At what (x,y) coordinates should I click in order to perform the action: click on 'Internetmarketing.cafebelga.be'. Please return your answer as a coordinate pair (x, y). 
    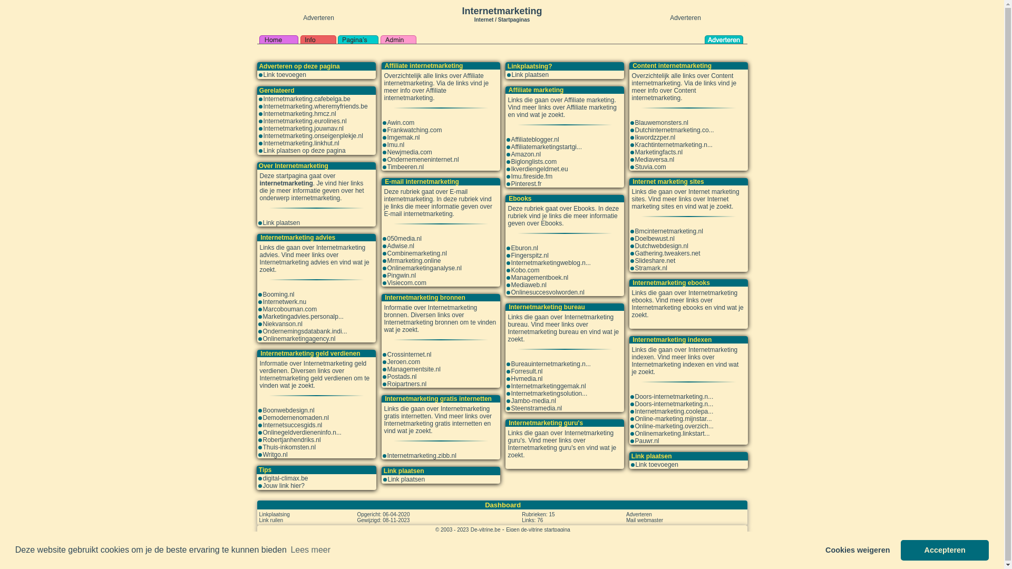
    Looking at the image, I should click on (306, 99).